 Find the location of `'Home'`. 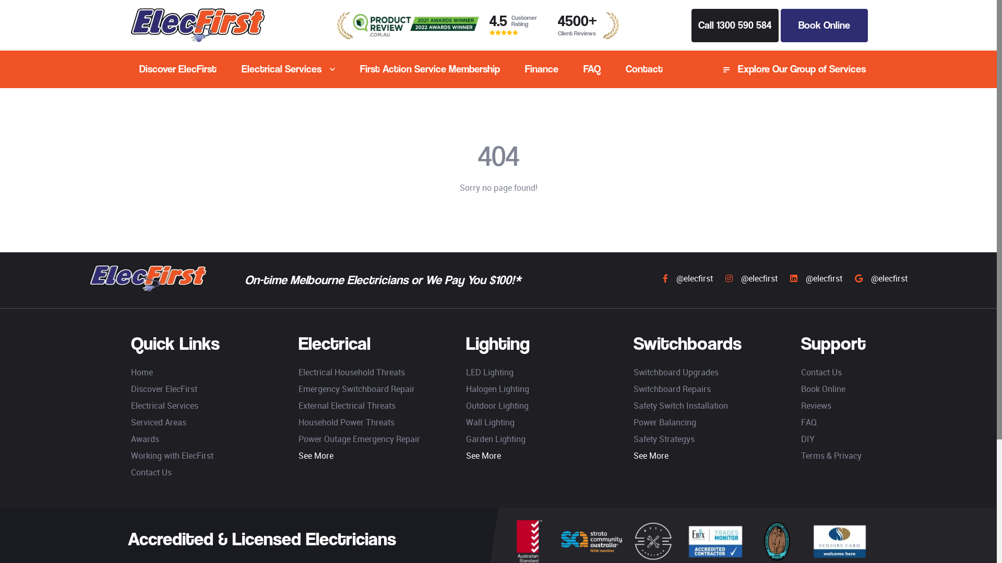

'Home' is located at coordinates (141, 371).